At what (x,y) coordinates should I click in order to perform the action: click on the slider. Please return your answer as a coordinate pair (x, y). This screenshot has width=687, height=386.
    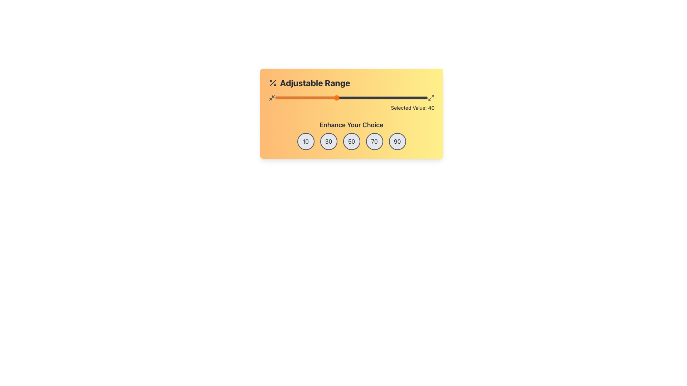
    Looking at the image, I should click on (351, 98).